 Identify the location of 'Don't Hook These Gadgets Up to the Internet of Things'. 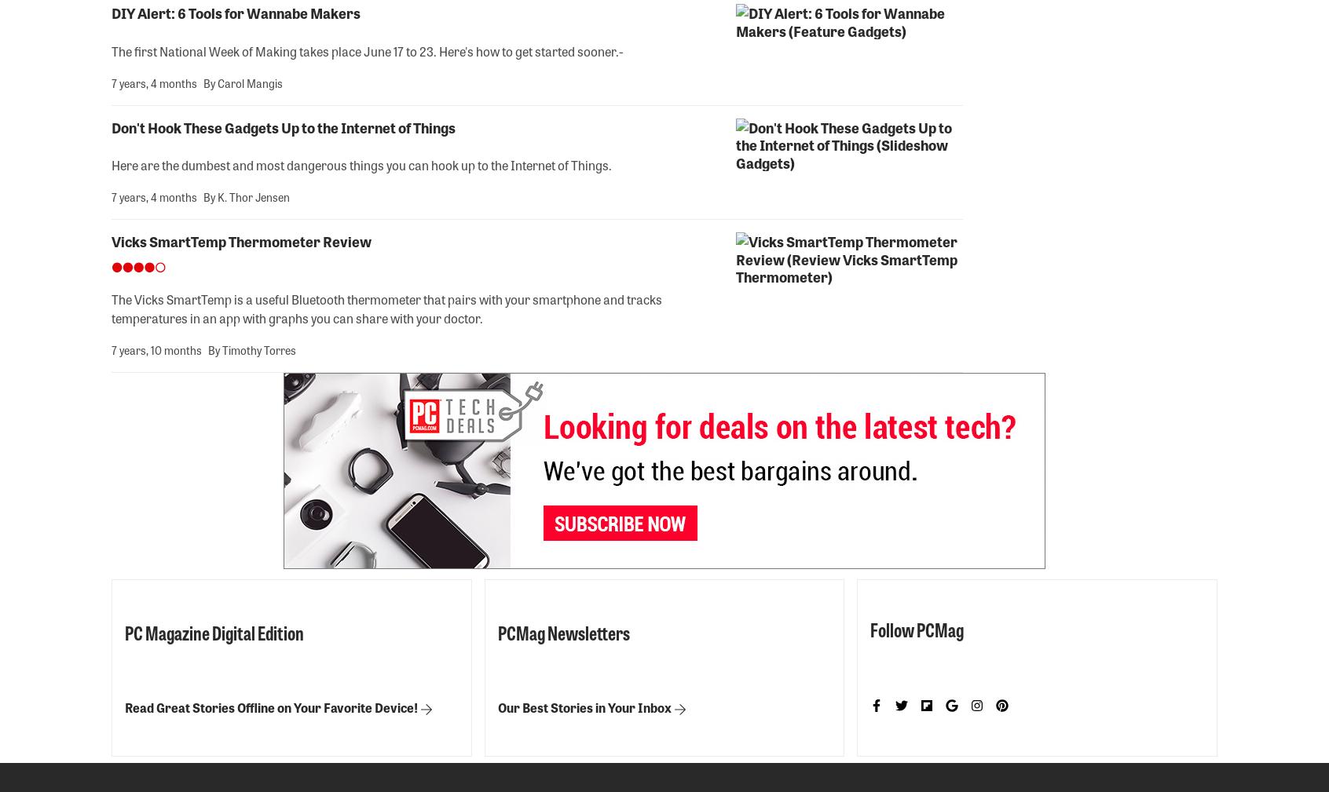
(284, 126).